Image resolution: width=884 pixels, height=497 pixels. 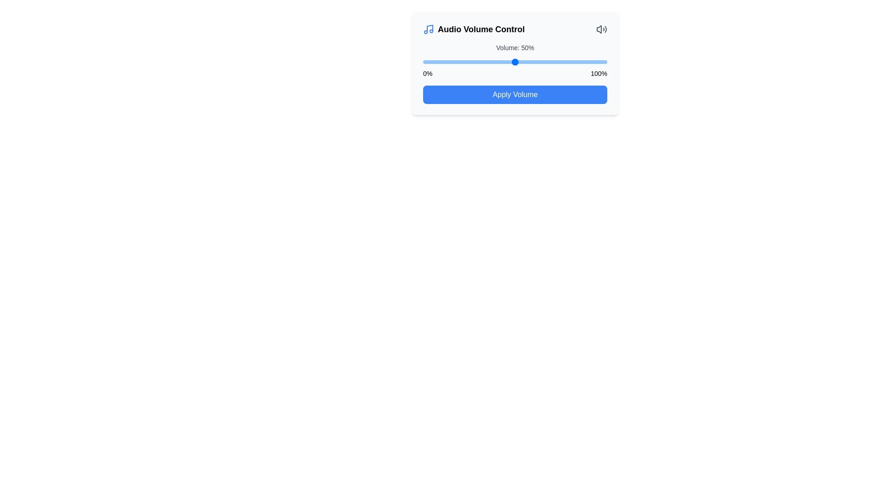 What do you see at coordinates (599, 29) in the screenshot?
I see `the graphical vector icon resembling a speaker in the audio volume control section, which is located on the top-right side of the panel, aligned with the heading 'Audio Volume Control'` at bounding box center [599, 29].